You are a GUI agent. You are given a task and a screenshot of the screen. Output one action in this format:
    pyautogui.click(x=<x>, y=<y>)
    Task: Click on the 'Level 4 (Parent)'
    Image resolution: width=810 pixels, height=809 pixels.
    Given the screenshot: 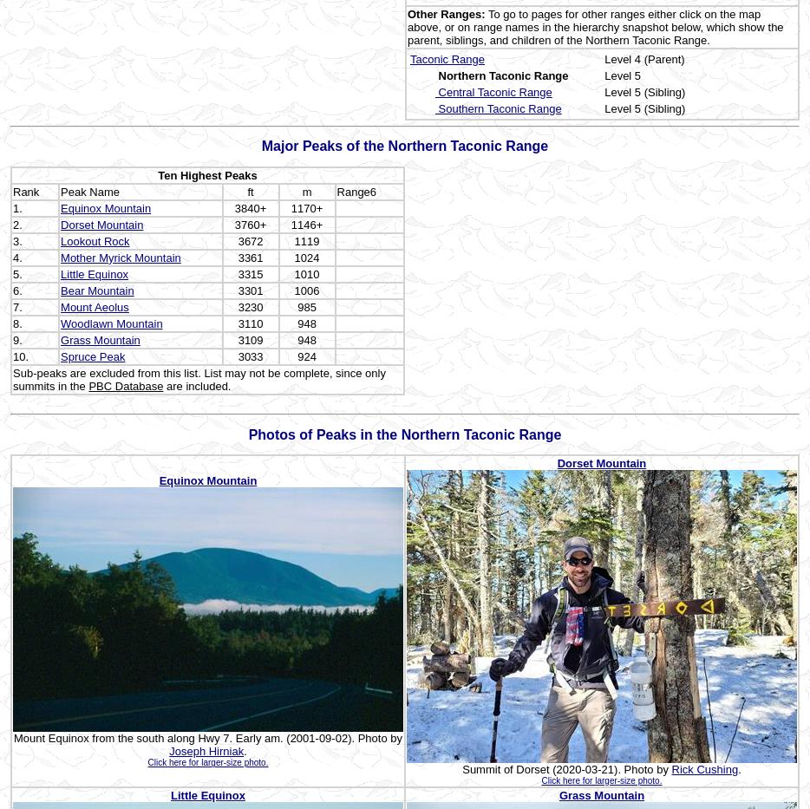 What is the action you would take?
    pyautogui.click(x=604, y=58)
    